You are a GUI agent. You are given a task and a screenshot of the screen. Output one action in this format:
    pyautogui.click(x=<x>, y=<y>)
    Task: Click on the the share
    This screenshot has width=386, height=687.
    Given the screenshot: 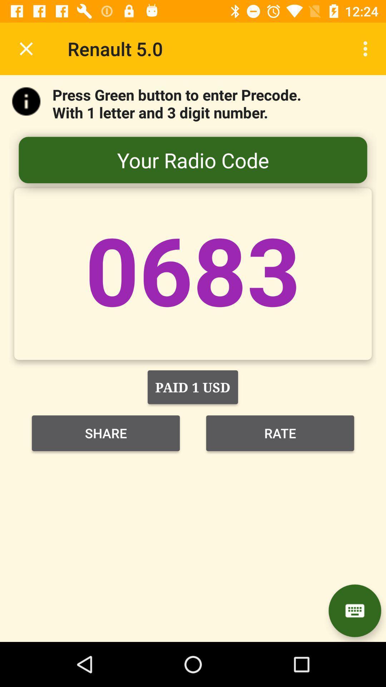 What is the action you would take?
    pyautogui.click(x=106, y=433)
    